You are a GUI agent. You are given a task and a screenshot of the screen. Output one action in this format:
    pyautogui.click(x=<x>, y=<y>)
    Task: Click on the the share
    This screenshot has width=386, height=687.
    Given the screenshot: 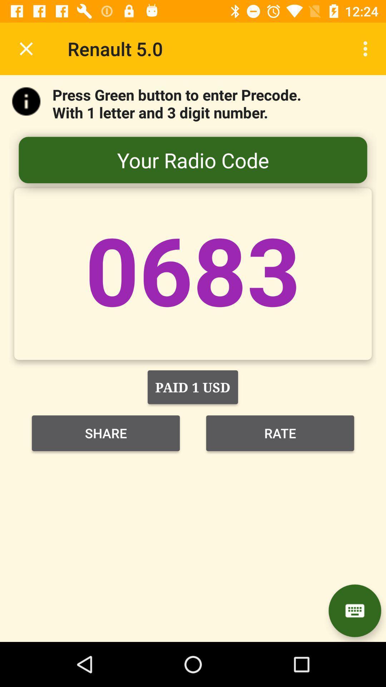 What is the action you would take?
    pyautogui.click(x=106, y=433)
    